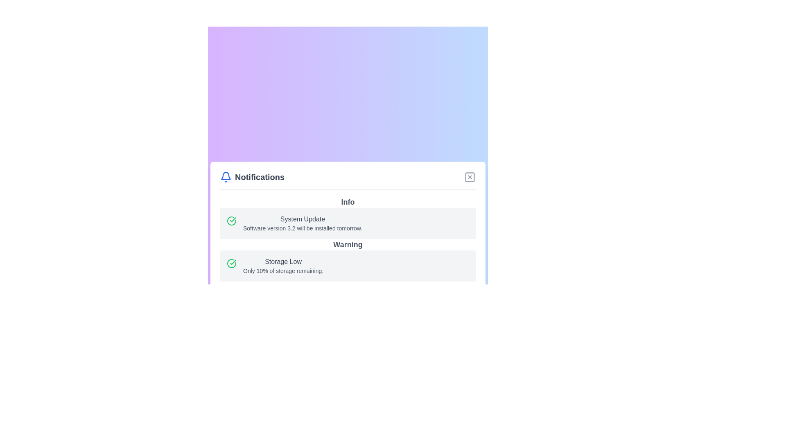 The image size is (786, 442). Describe the element at coordinates (231, 220) in the screenshot. I see `the successful status icon located on the left side of the 'System Update' notification block` at that location.